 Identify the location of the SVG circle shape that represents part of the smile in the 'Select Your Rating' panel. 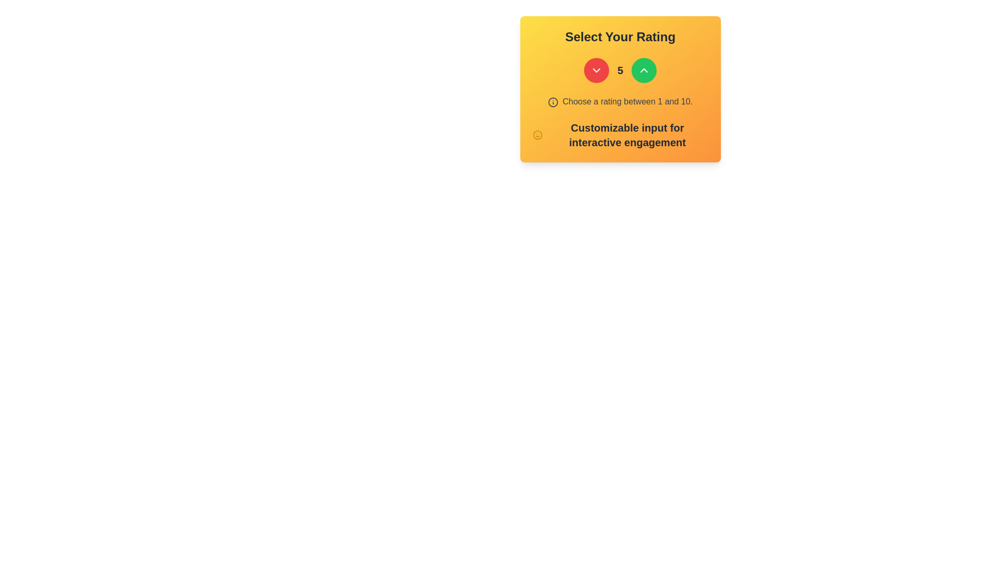
(538, 134).